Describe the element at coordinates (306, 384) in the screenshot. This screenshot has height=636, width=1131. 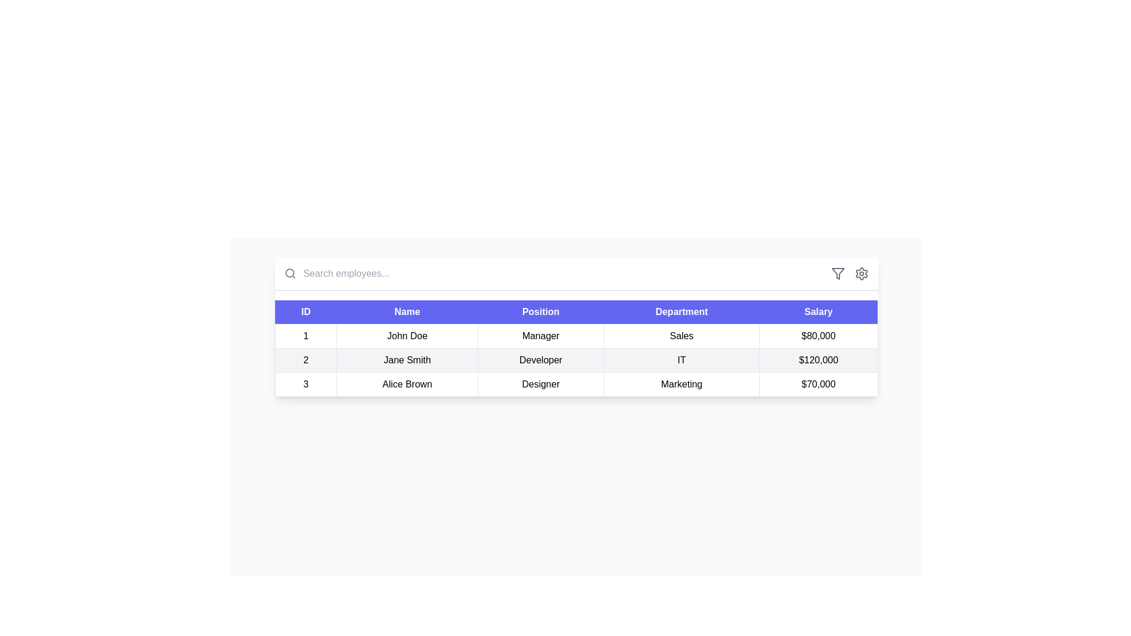
I see `the static text element that represents the identifier for the third entry in the table, corresponding to 'Alice Brown'` at that location.